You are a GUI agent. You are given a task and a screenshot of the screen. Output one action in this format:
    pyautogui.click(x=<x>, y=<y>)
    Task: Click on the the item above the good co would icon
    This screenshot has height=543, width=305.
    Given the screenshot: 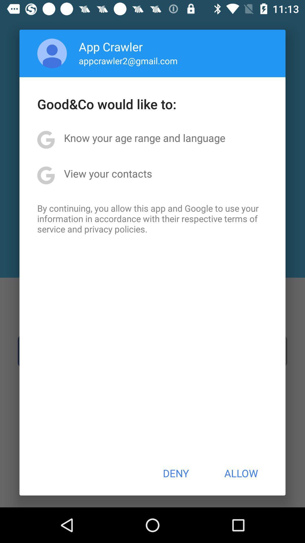 What is the action you would take?
    pyautogui.click(x=128, y=61)
    